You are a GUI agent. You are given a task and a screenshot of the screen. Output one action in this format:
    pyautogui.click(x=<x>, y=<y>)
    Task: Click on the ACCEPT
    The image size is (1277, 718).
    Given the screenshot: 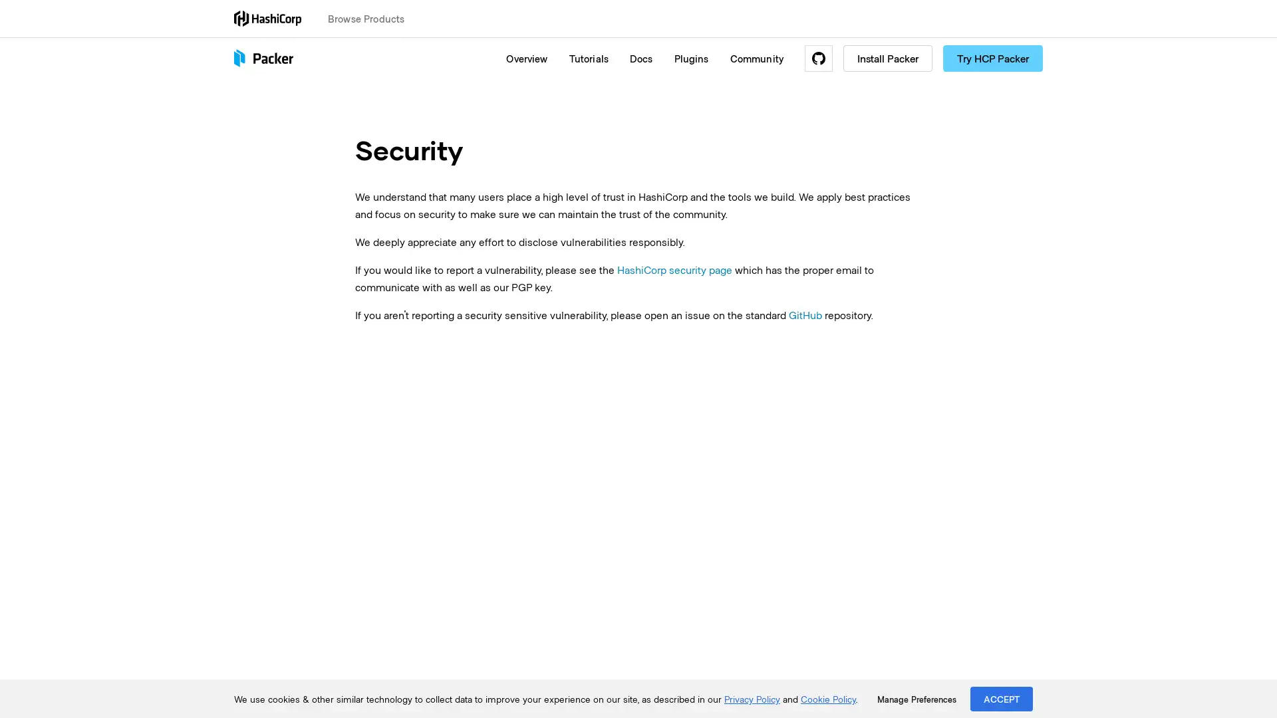 What is the action you would take?
    pyautogui.click(x=1002, y=698)
    